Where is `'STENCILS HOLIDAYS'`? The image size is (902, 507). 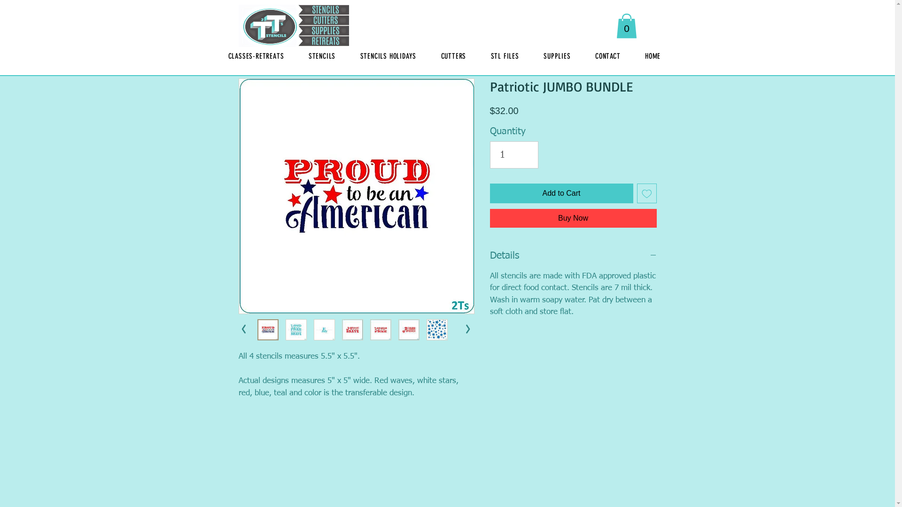 'STENCILS HOLIDAYS' is located at coordinates (388, 56).